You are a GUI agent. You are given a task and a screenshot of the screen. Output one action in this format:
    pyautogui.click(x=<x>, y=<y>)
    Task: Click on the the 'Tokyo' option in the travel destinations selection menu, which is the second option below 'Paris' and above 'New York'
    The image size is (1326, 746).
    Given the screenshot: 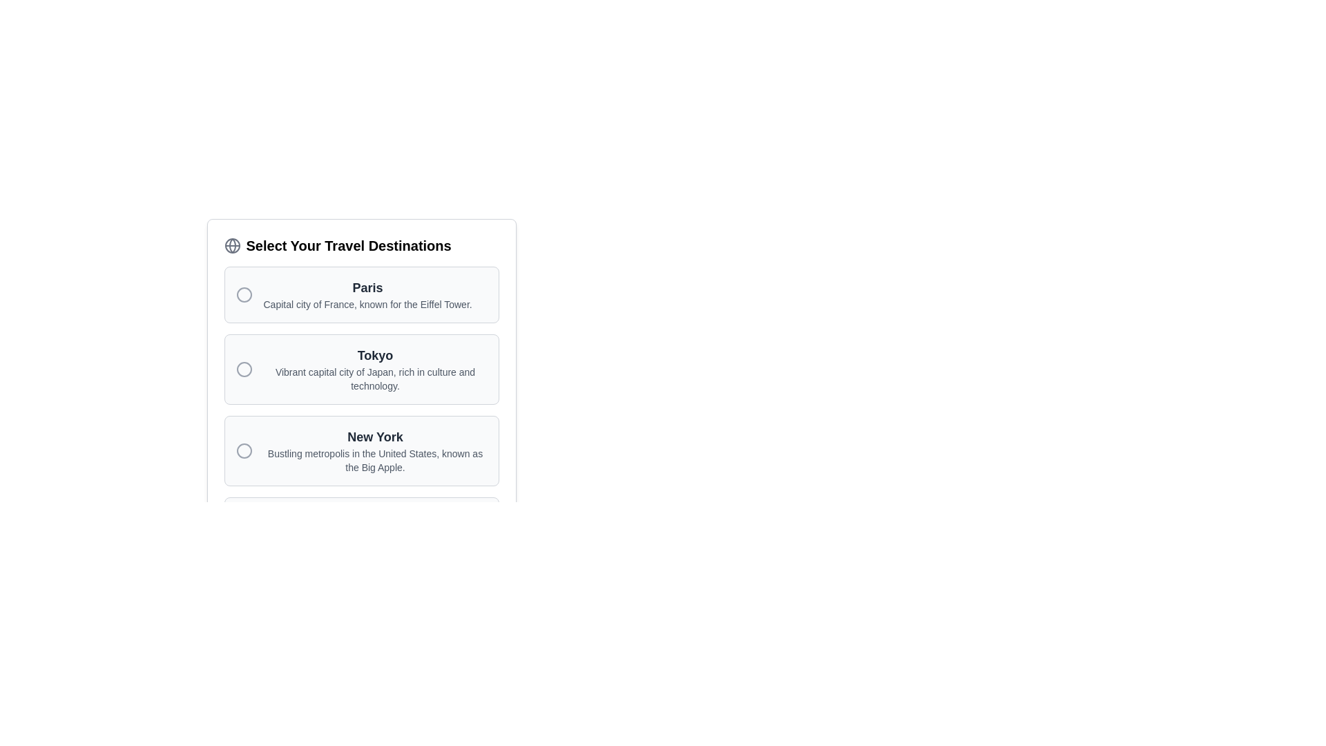 What is the action you would take?
    pyautogui.click(x=361, y=351)
    